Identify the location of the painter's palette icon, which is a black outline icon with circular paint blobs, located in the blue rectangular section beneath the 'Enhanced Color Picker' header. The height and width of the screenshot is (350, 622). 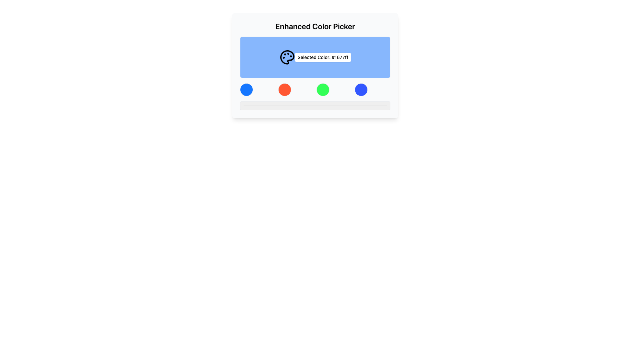
(287, 57).